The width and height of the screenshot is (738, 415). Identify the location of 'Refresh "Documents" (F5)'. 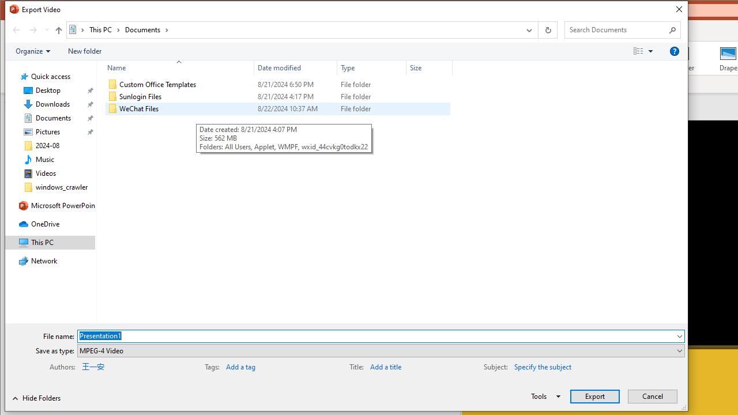
(547, 29).